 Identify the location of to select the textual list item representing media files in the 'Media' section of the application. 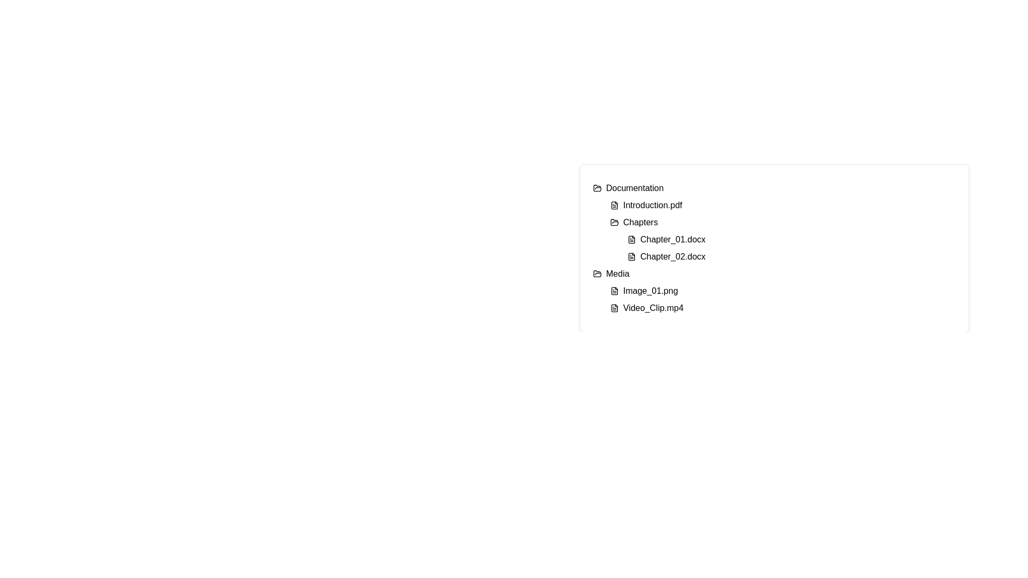
(774, 291).